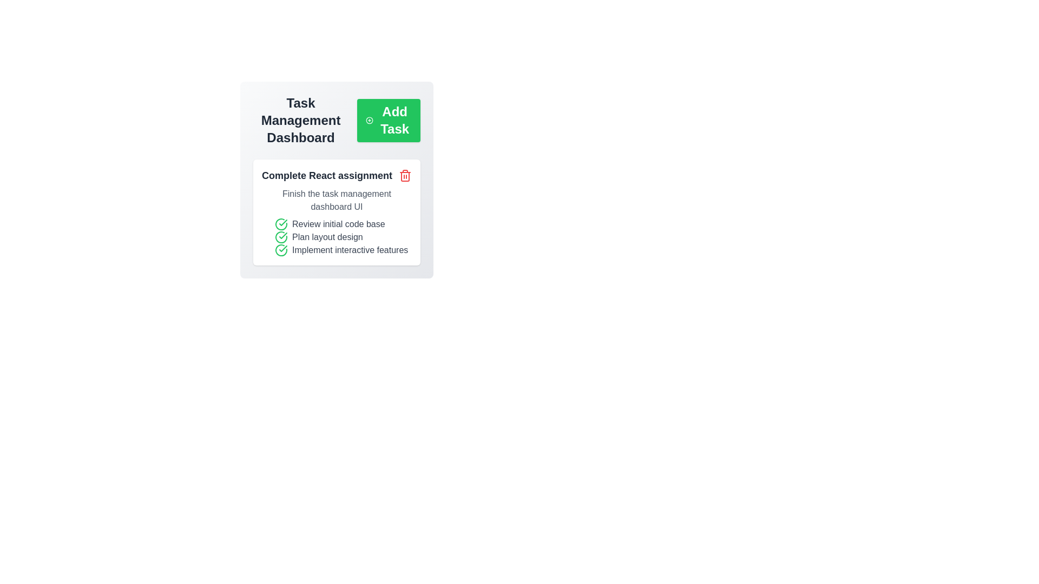  Describe the element at coordinates (281, 237) in the screenshot. I see `the Icon (SVG element) that signifies the completion of the 'Plan layout design' task, located to the left of the task text` at that location.